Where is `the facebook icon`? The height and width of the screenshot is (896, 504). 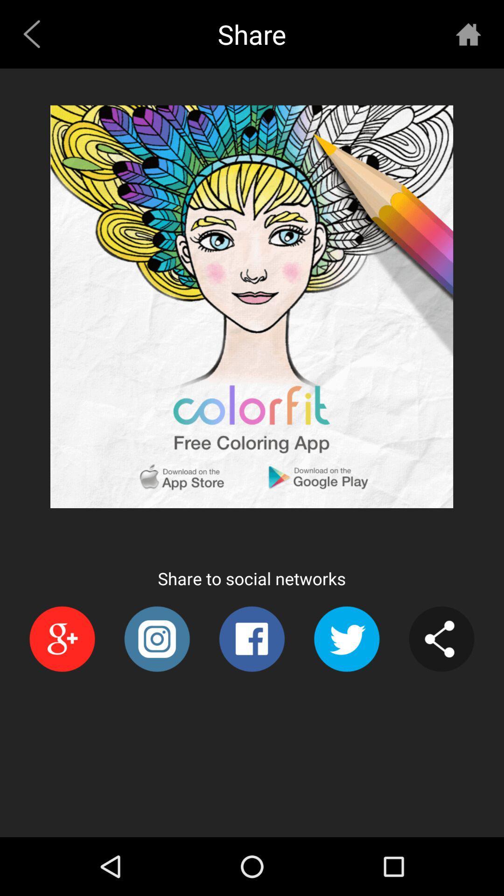 the facebook icon is located at coordinates (251, 684).